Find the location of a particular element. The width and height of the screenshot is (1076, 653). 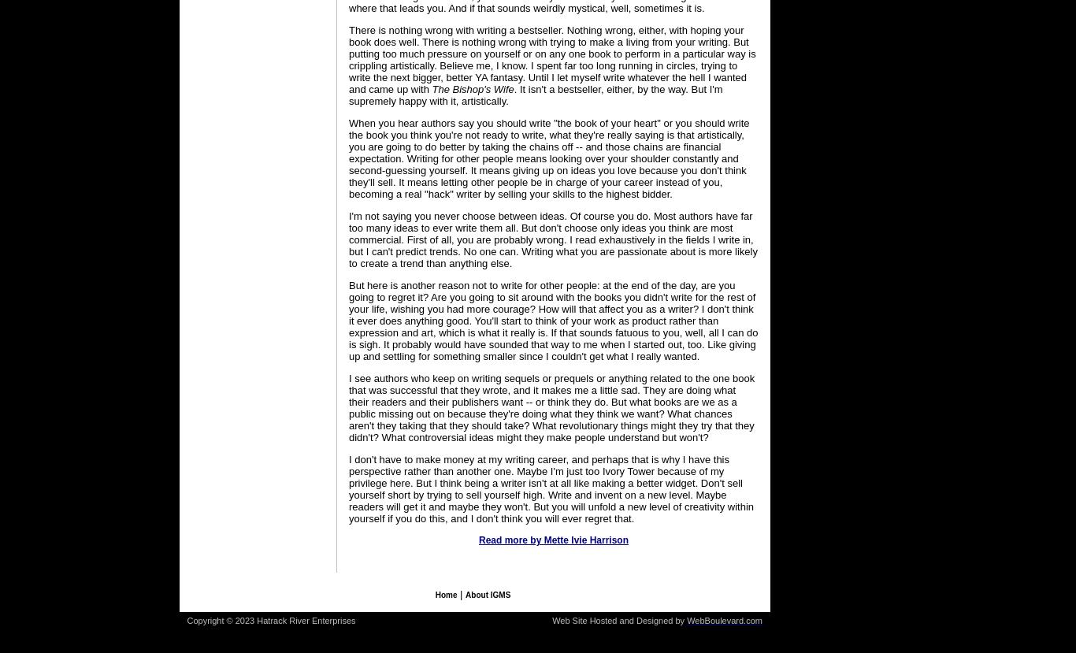

'I'm not saying you never choose between ideas. Of course you do. Most authors
have far too many ideas to ever write them all. But don't choose only ideas you
think are most commercial. First of all, you are probably wrong. I read
exhaustively in the fields I write in, but I can't predict trends. No one can. Writing
what you are passionate about is more likely to create a trend than anything else.' is located at coordinates (552, 239).